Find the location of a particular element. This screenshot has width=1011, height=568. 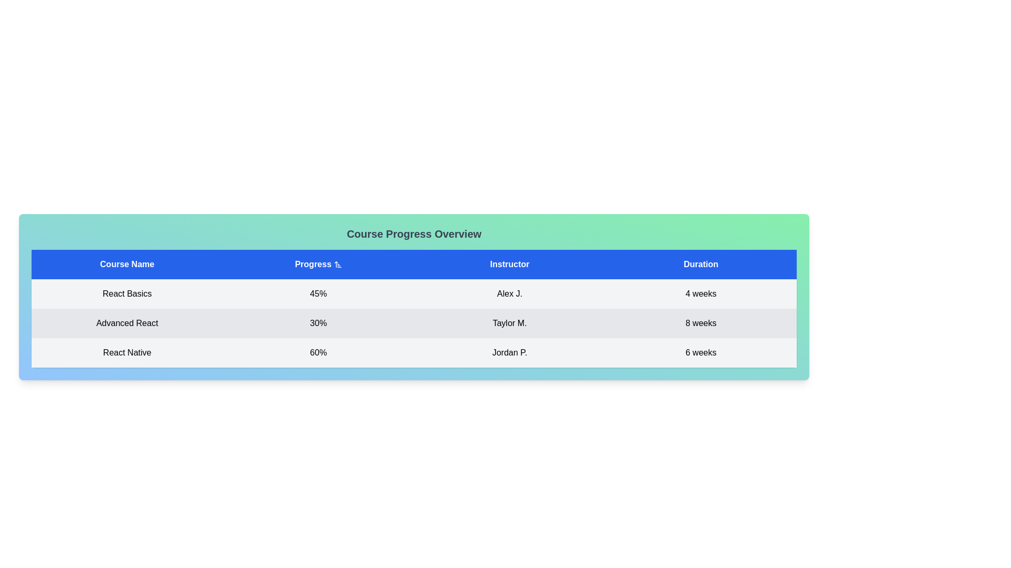

the second row of the table that contains details for the 'Advanced React' course is located at coordinates (413, 322).